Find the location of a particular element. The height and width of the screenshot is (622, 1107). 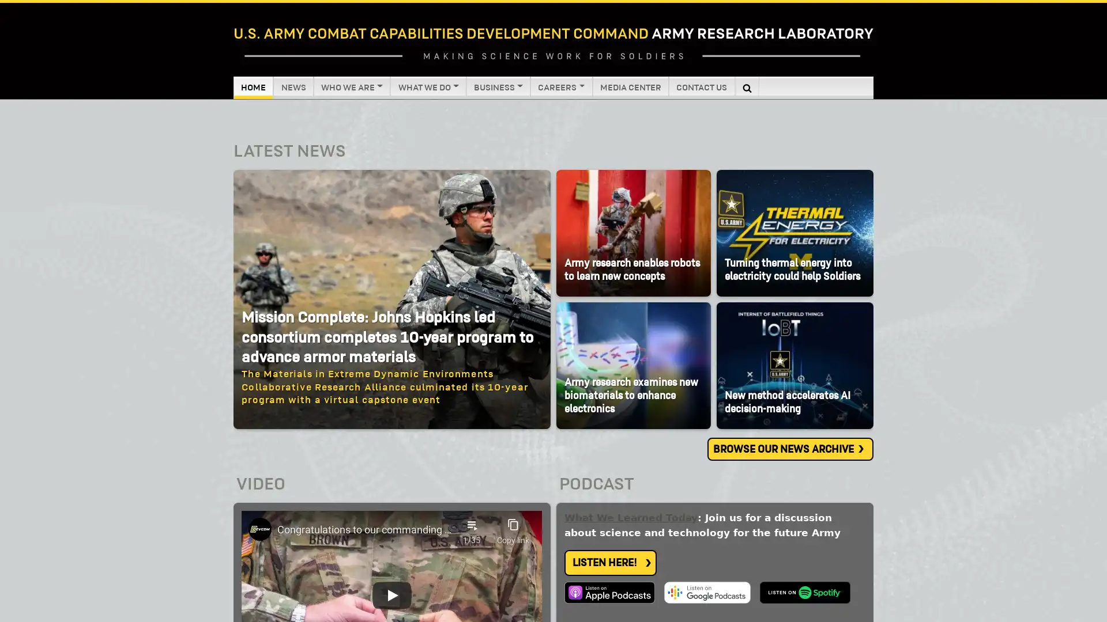

MEDIA CENTER is located at coordinates (630, 87).